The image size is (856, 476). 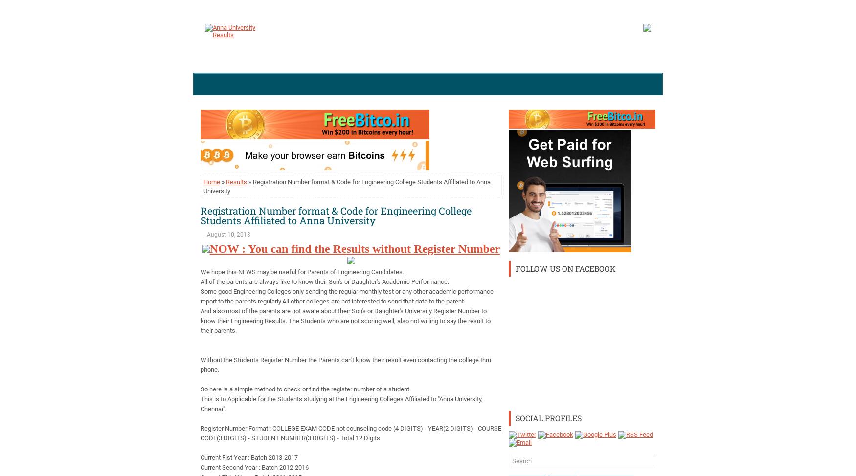 I want to click on '» Registration Number format & Code for Engineering College Students Affiliated to Anna University', so click(x=347, y=186).